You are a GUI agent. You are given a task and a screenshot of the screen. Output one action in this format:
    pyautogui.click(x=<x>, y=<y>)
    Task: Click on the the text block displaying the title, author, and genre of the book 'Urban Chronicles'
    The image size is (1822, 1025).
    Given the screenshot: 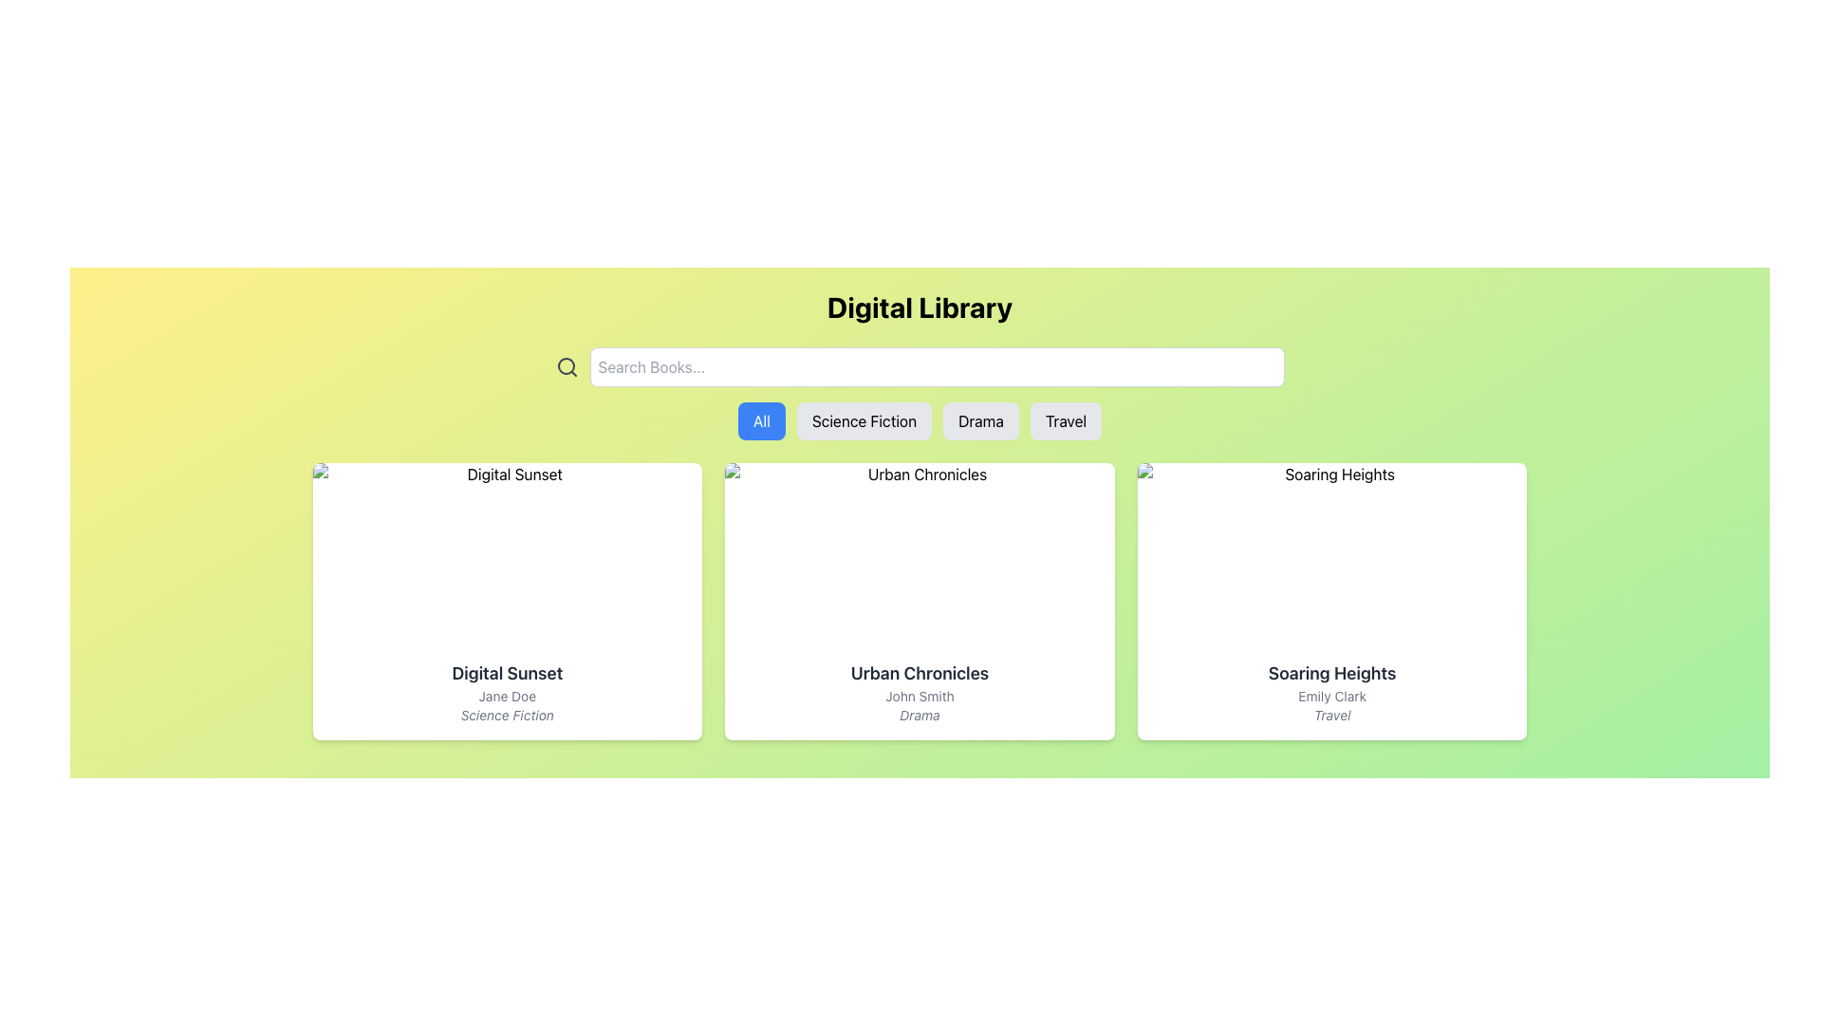 What is the action you would take?
    pyautogui.click(x=920, y=692)
    